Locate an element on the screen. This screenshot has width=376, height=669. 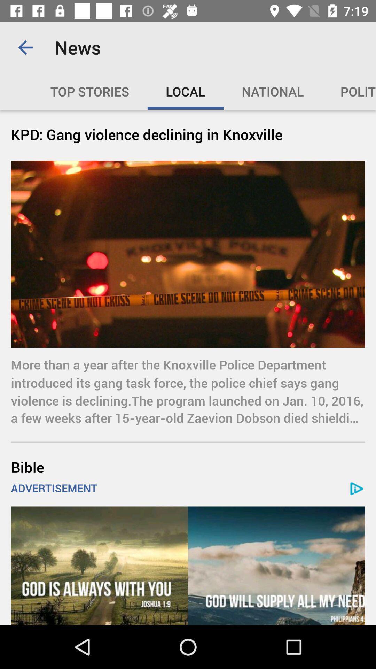
click on the advertisement is located at coordinates (188, 566).